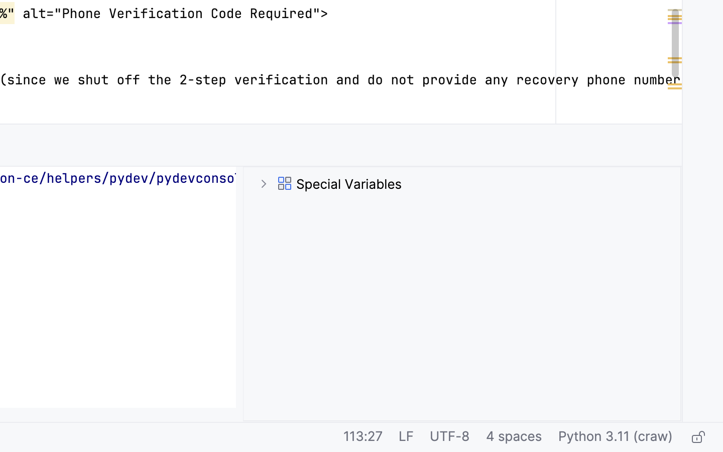 The width and height of the screenshot is (723, 452). Describe the element at coordinates (406, 437) in the screenshot. I see `'LF'` at that location.